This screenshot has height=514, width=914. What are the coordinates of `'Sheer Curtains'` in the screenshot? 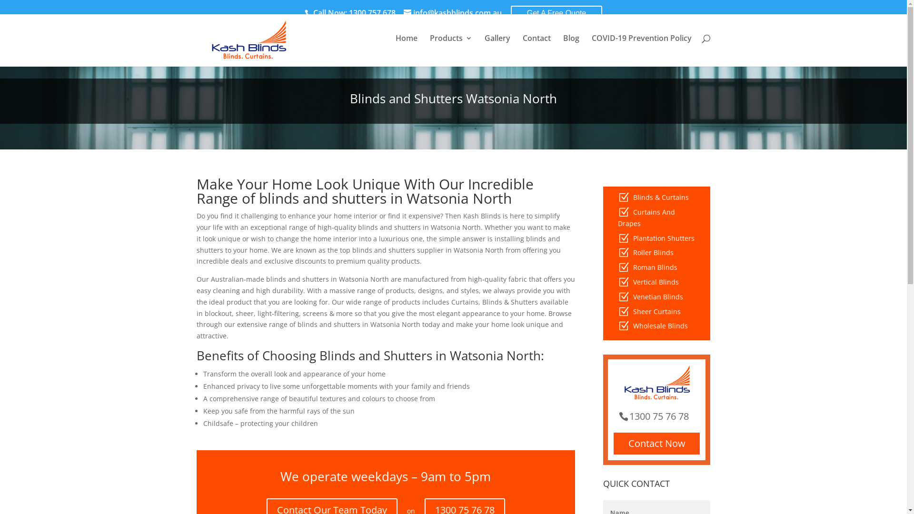 It's located at (633, 311).